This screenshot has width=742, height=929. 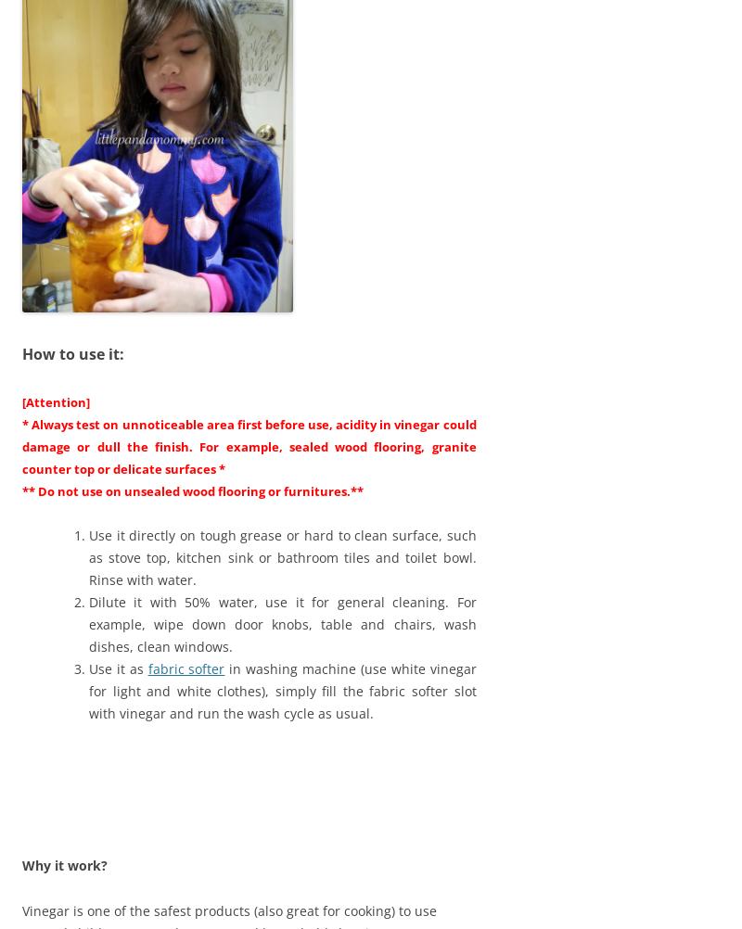 I want to click on 'Use it as', so click(x=117, y=668).